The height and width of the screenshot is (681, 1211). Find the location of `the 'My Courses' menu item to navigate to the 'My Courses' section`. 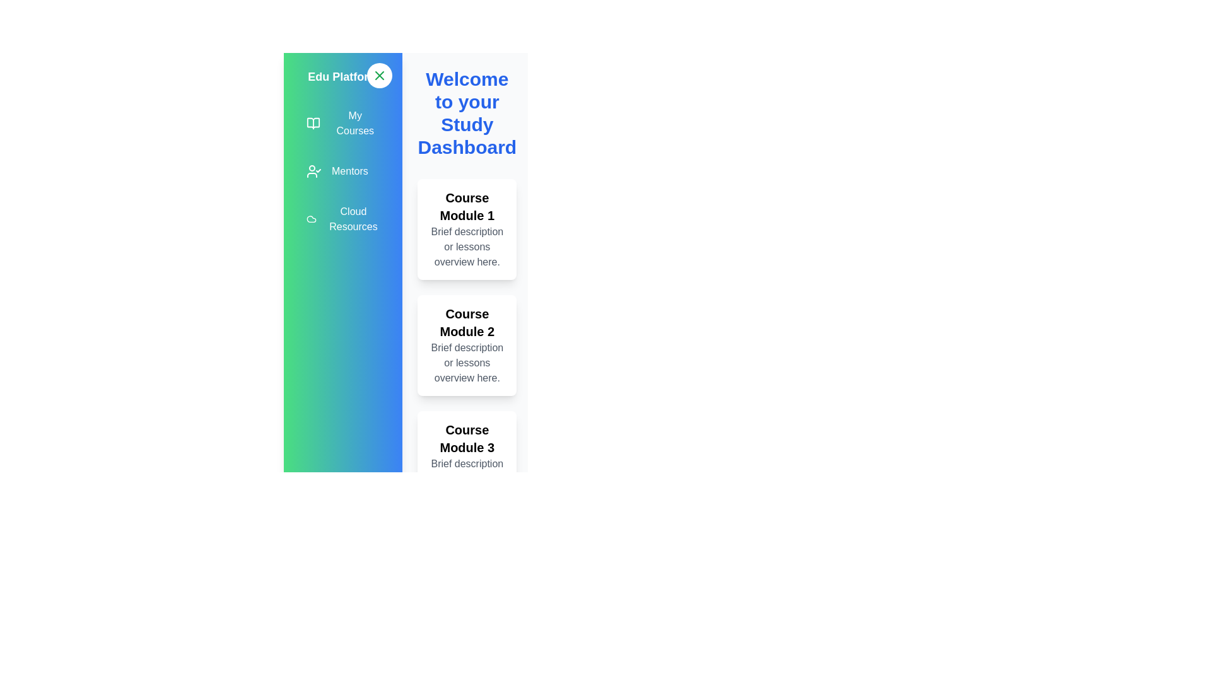

the 'My Courses' menu item to navigate to the 'My Courses' section is located at coordinates (342, 124).